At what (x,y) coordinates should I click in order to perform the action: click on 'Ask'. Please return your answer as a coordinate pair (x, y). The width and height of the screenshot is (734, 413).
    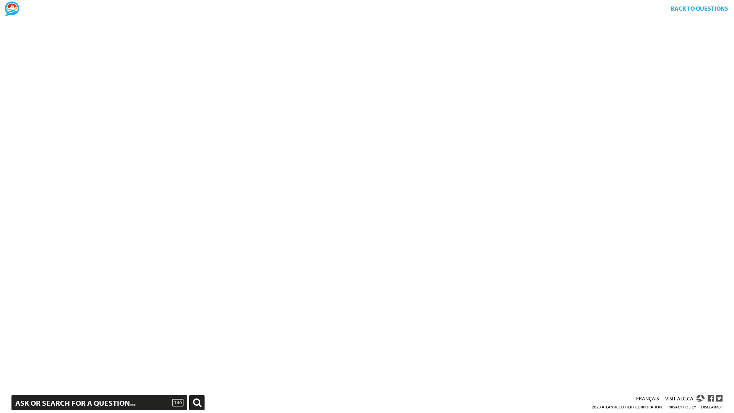
    Looking at the image, I should click on (196, 402).